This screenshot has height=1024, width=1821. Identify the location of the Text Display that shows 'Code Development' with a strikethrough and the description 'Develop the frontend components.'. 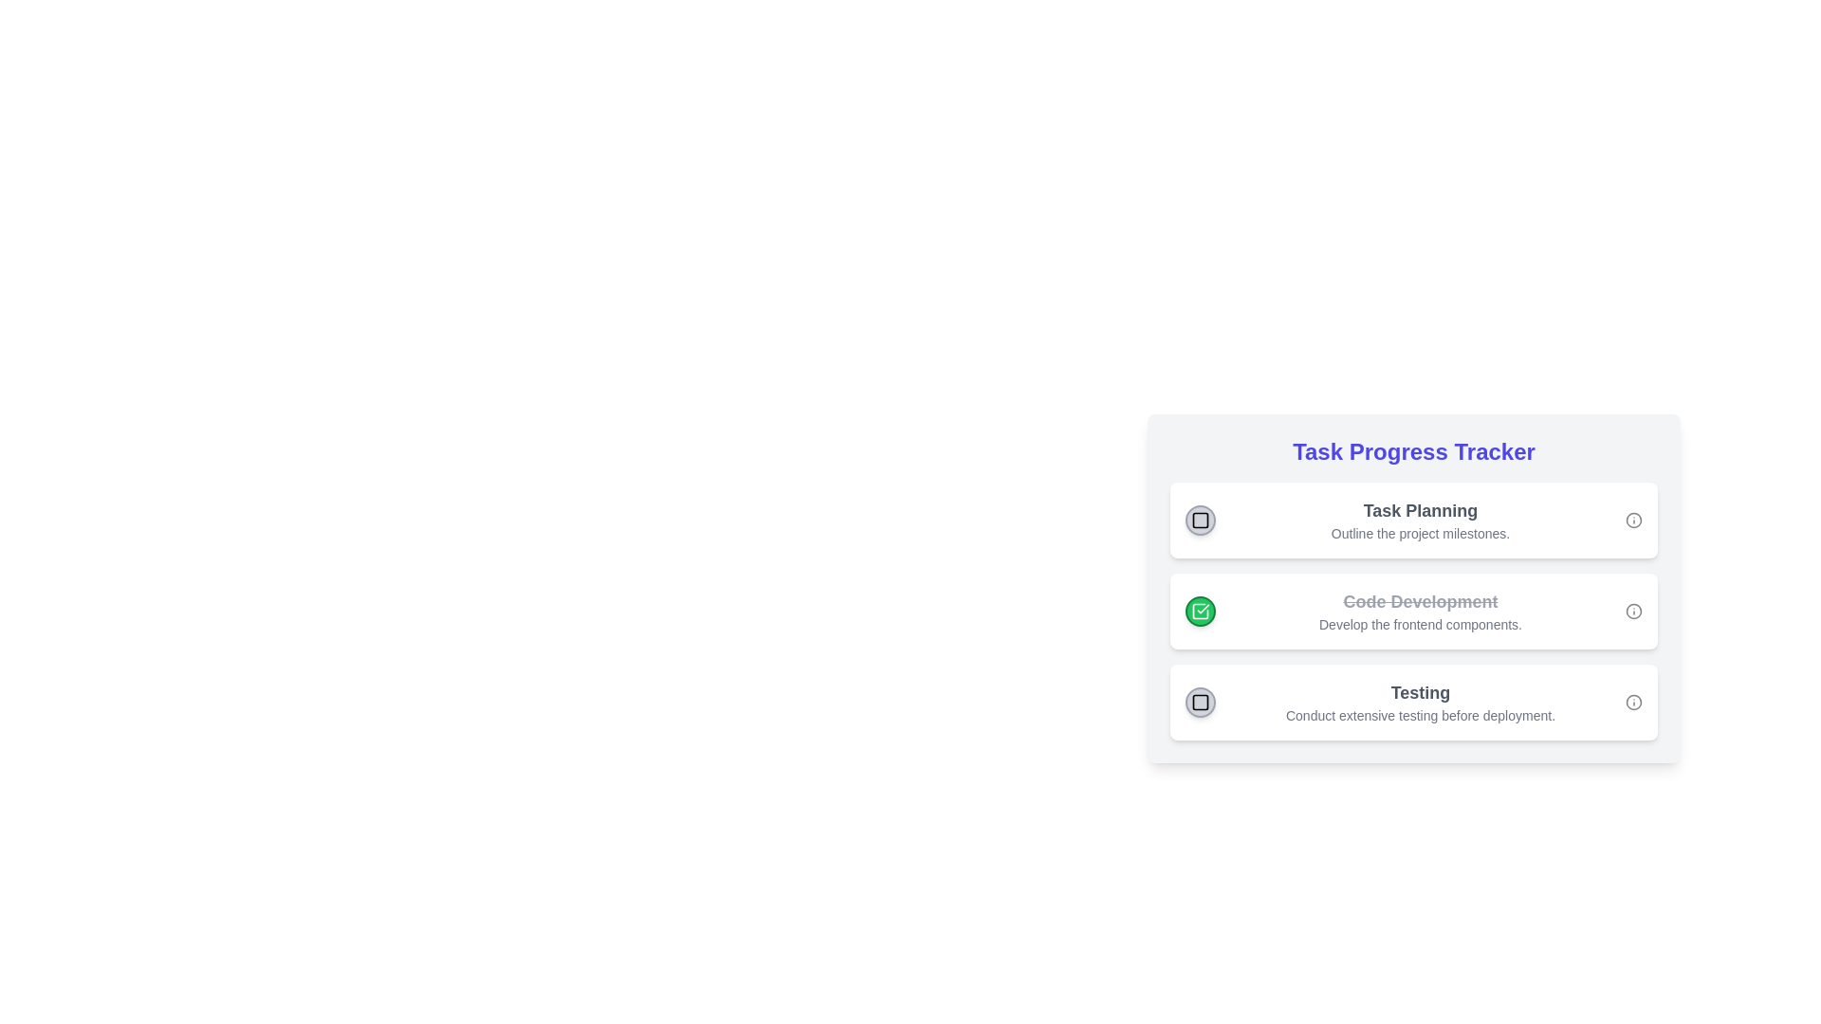
(1420, 611).